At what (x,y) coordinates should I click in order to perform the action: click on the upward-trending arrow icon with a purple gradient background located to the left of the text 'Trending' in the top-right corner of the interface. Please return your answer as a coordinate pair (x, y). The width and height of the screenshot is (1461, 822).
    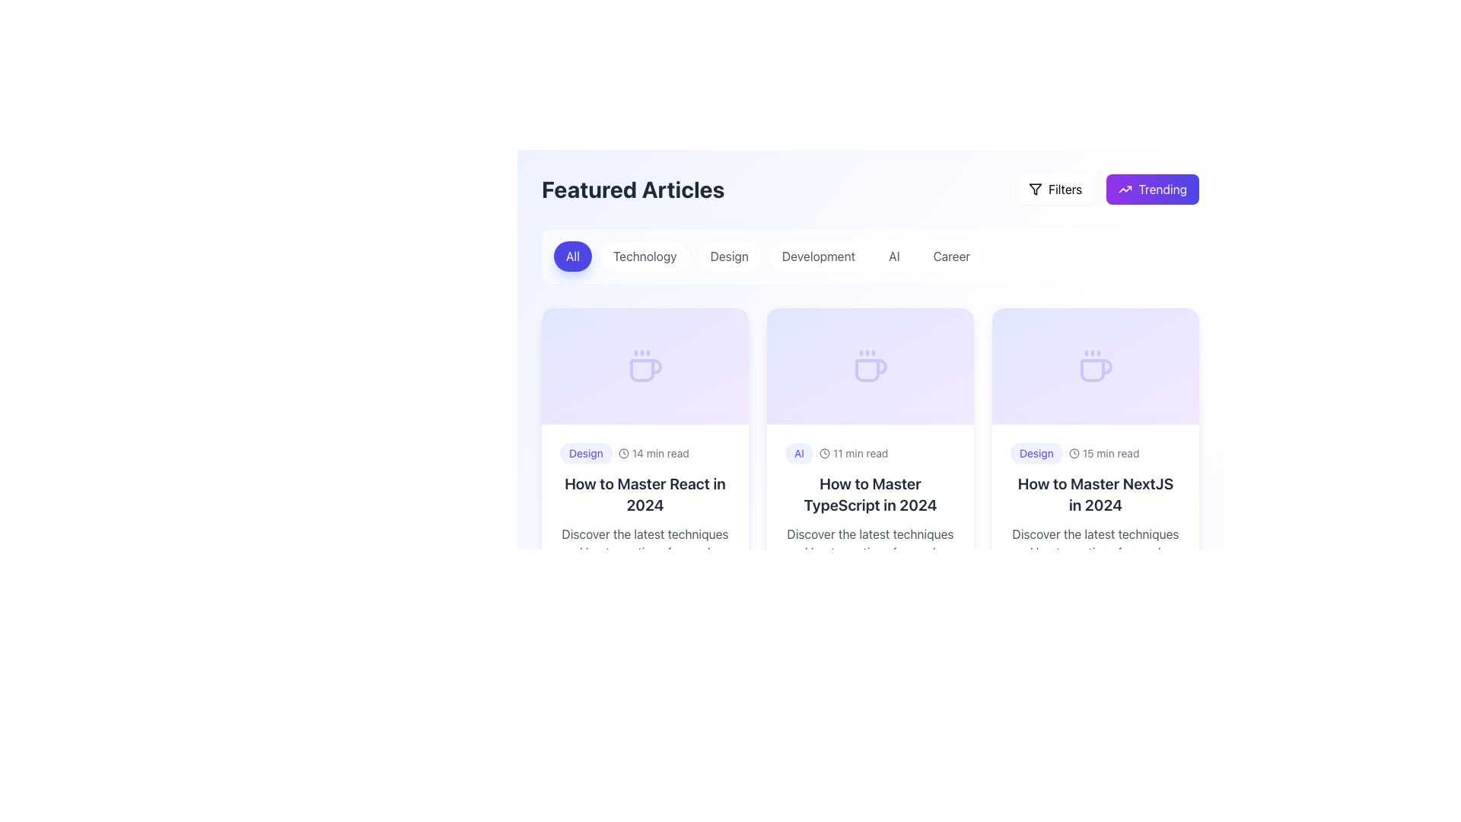
    Looking at the image, I should click on (1125, 189).